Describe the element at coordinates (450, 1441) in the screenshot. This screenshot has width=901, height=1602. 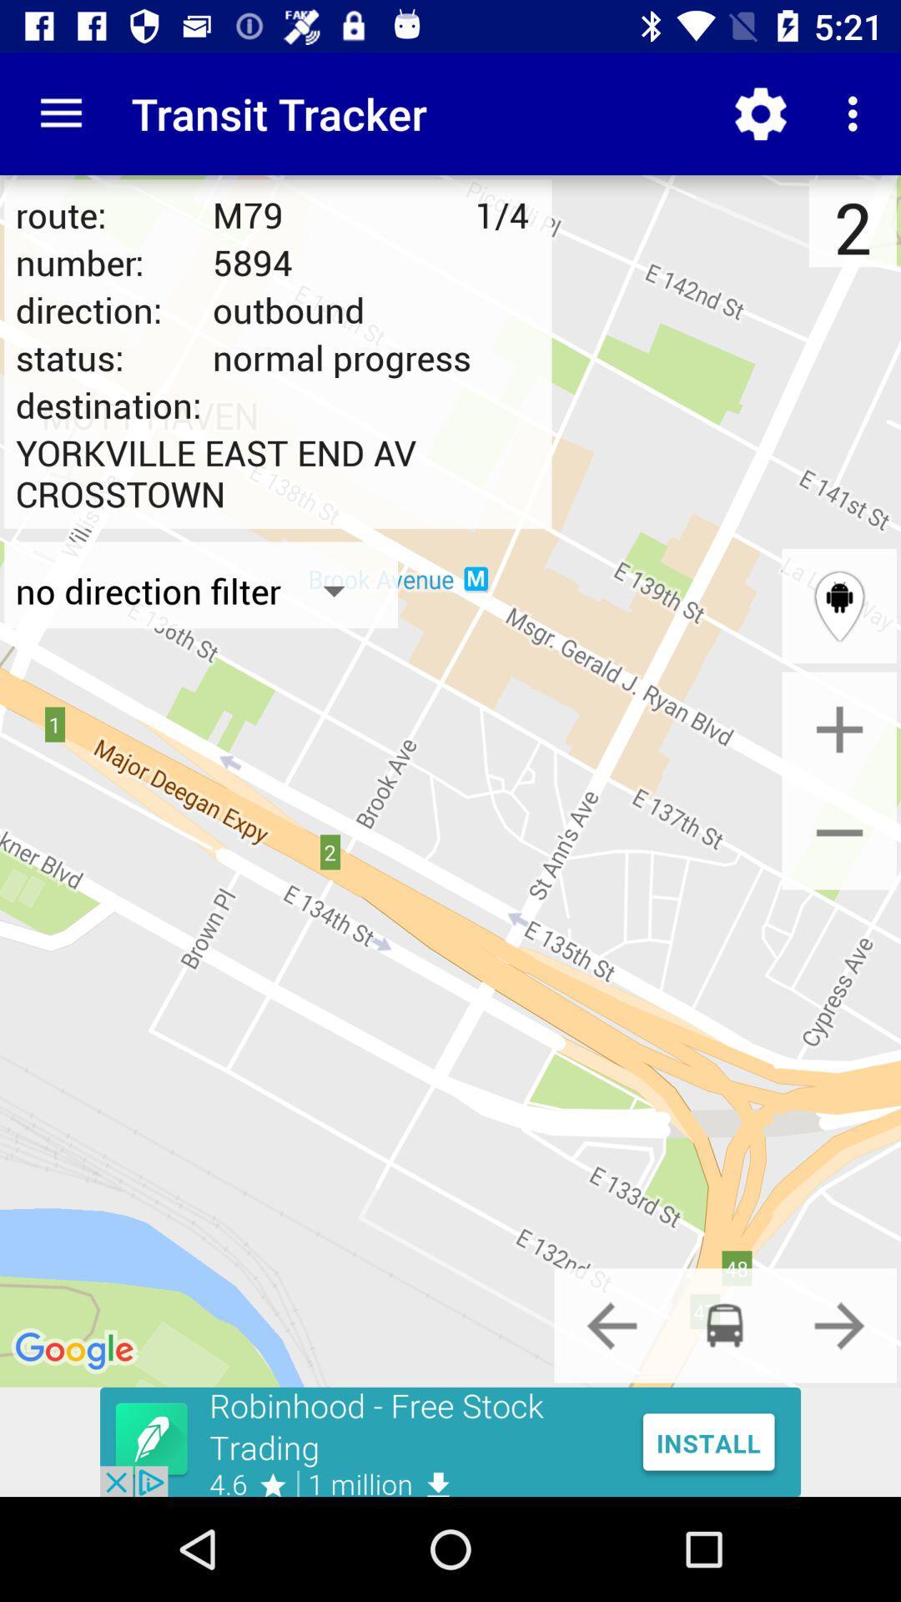
I see `google advertisements` at that location.